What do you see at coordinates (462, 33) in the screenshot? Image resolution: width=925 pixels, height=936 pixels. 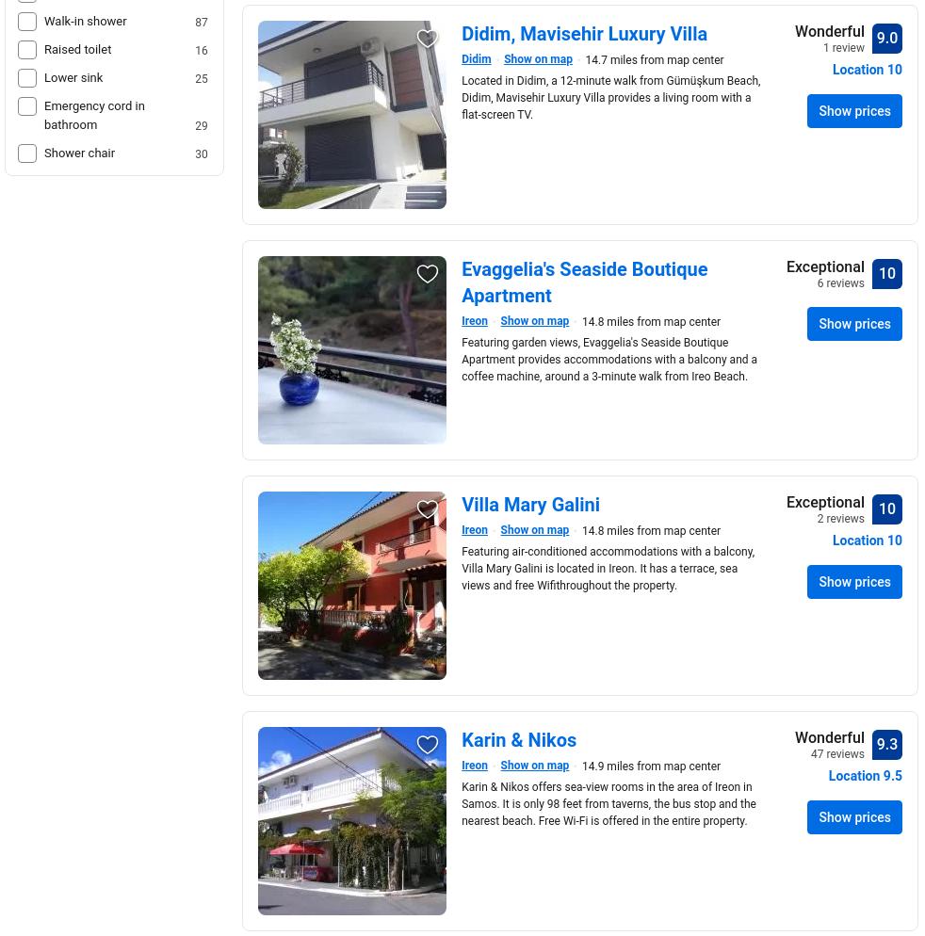 I see `'Didim, Mavisehir Luxury Villa'` at bounding box center [462, 33].